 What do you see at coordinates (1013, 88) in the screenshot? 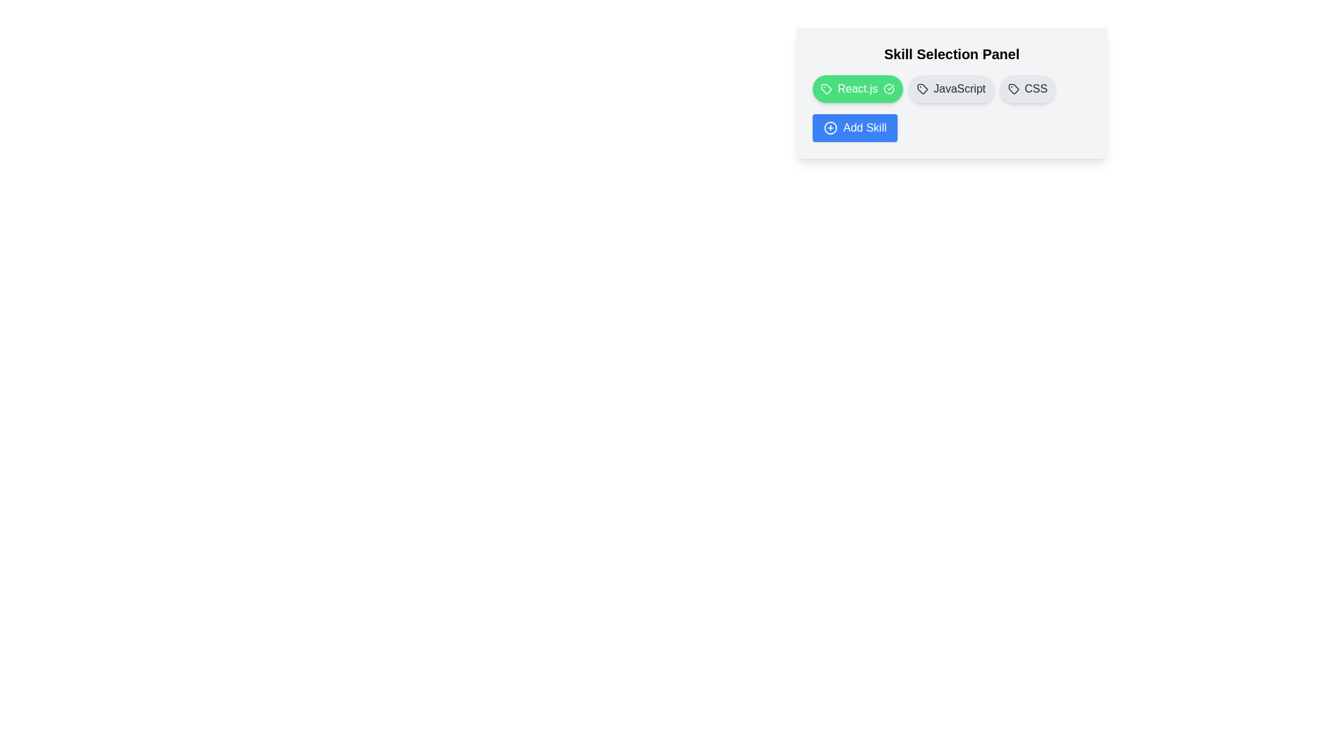
I see `the decorative icon representing a tag next to the 'CSS' text in the 'Skill Selection Panel' to indicate a skill related to CSS` at bounding box center [1013, 88].